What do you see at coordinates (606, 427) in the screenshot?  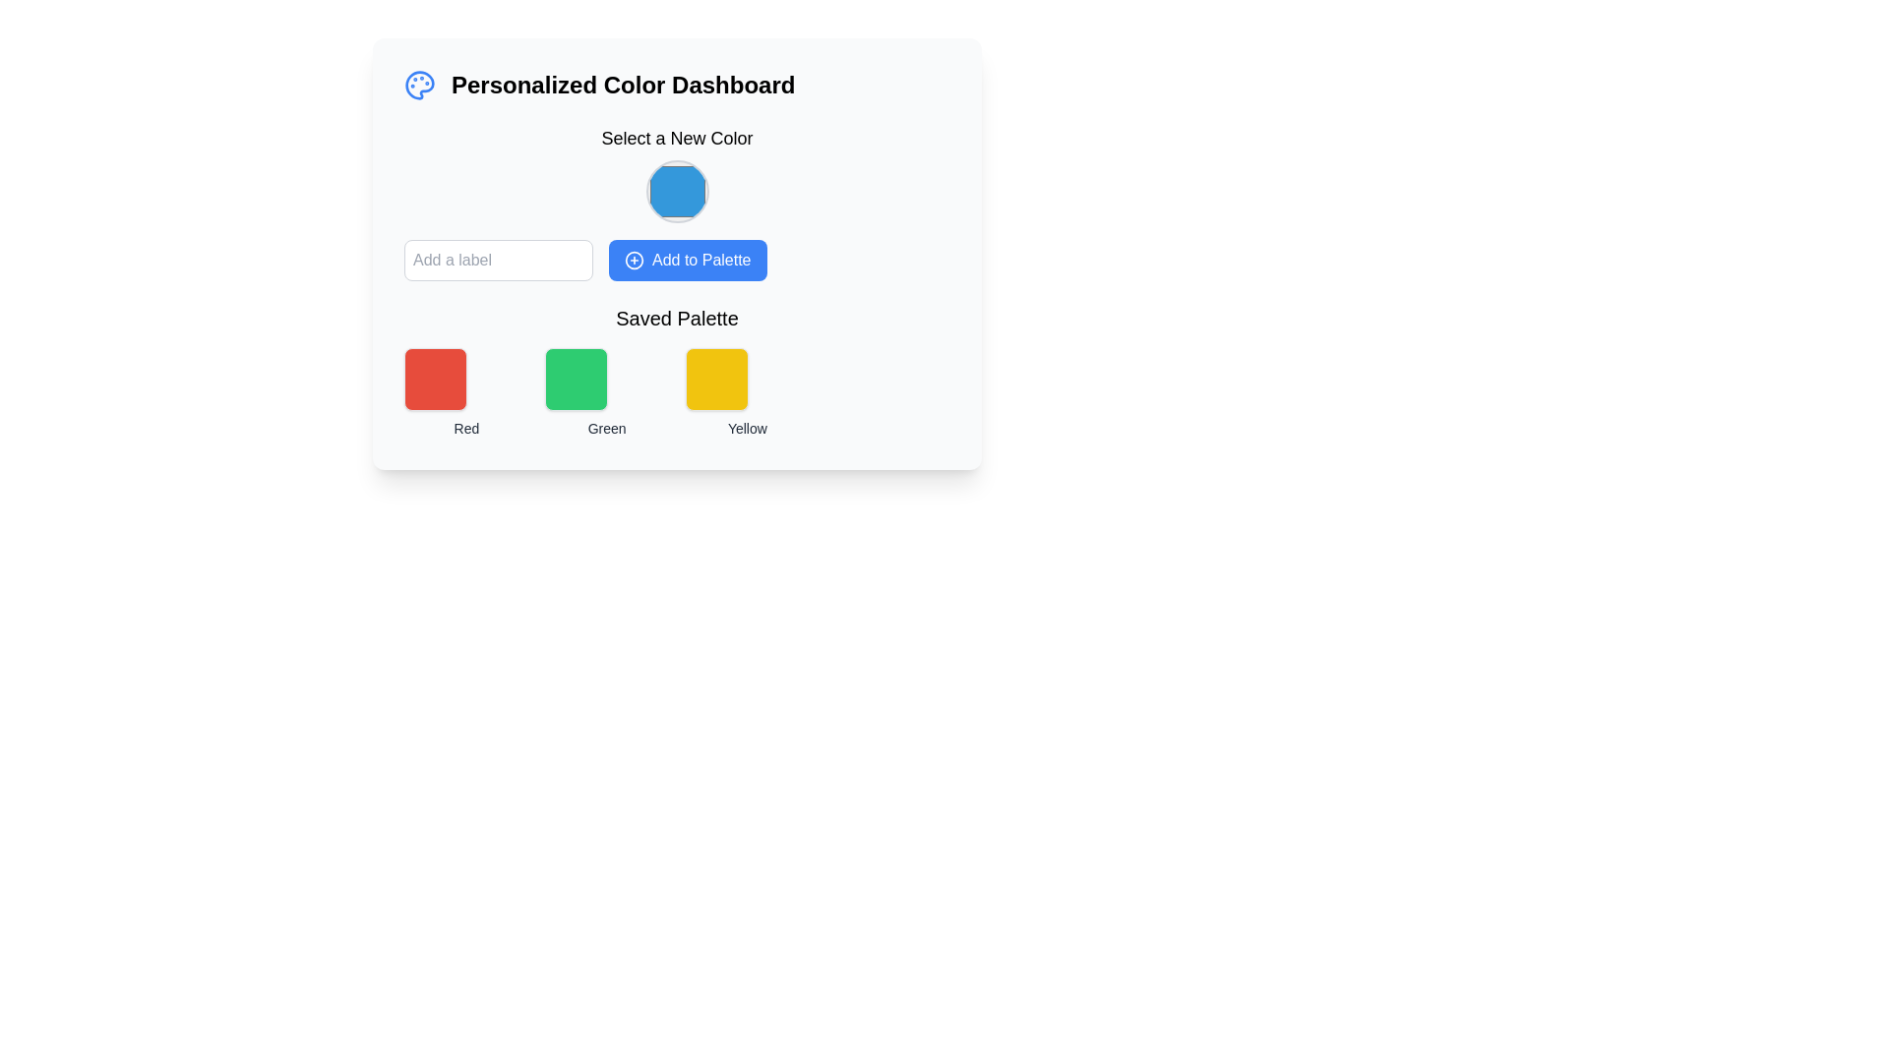 I see `the text label displaying the word 'Green', which is styled with a gray color and positioned below a green square swatch in the 'Saved Palette' section` at bounding box center [606, 427].